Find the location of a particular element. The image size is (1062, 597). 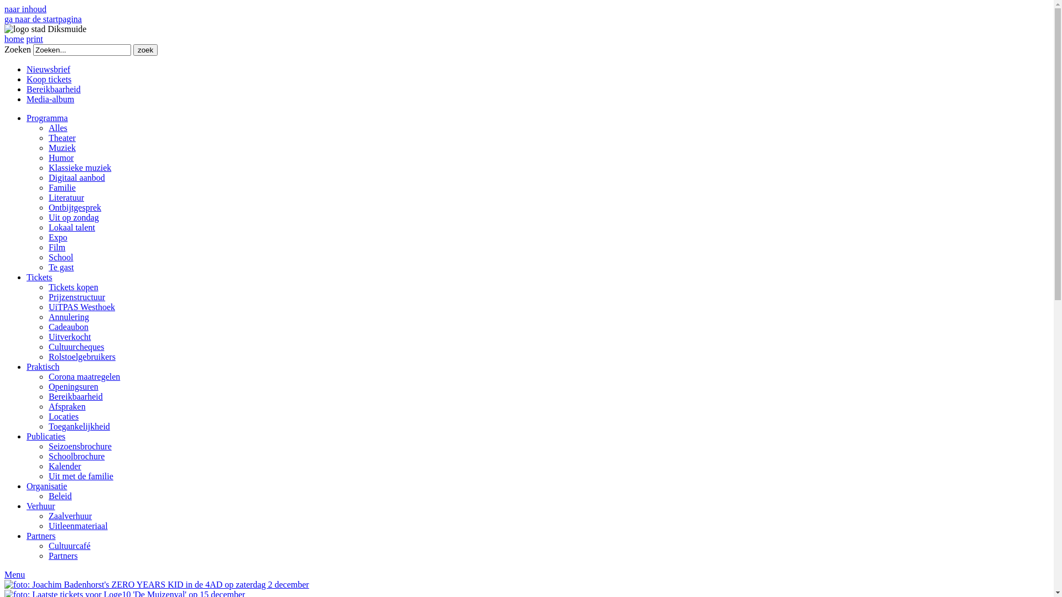

'Digitaal aanbod' is located at coordinates (76, 177).